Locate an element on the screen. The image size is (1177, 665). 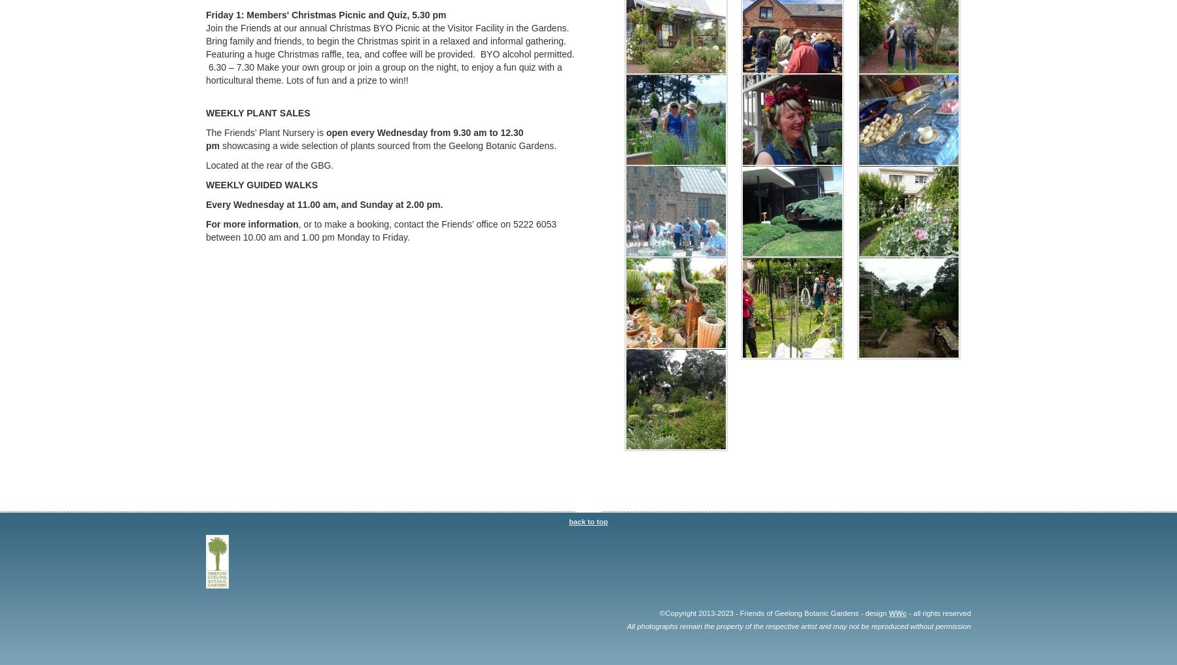
'©Copyright 2013-2023 - Friends of Geelong Botanic Gardens - design' is located at coordinates (659, 611).